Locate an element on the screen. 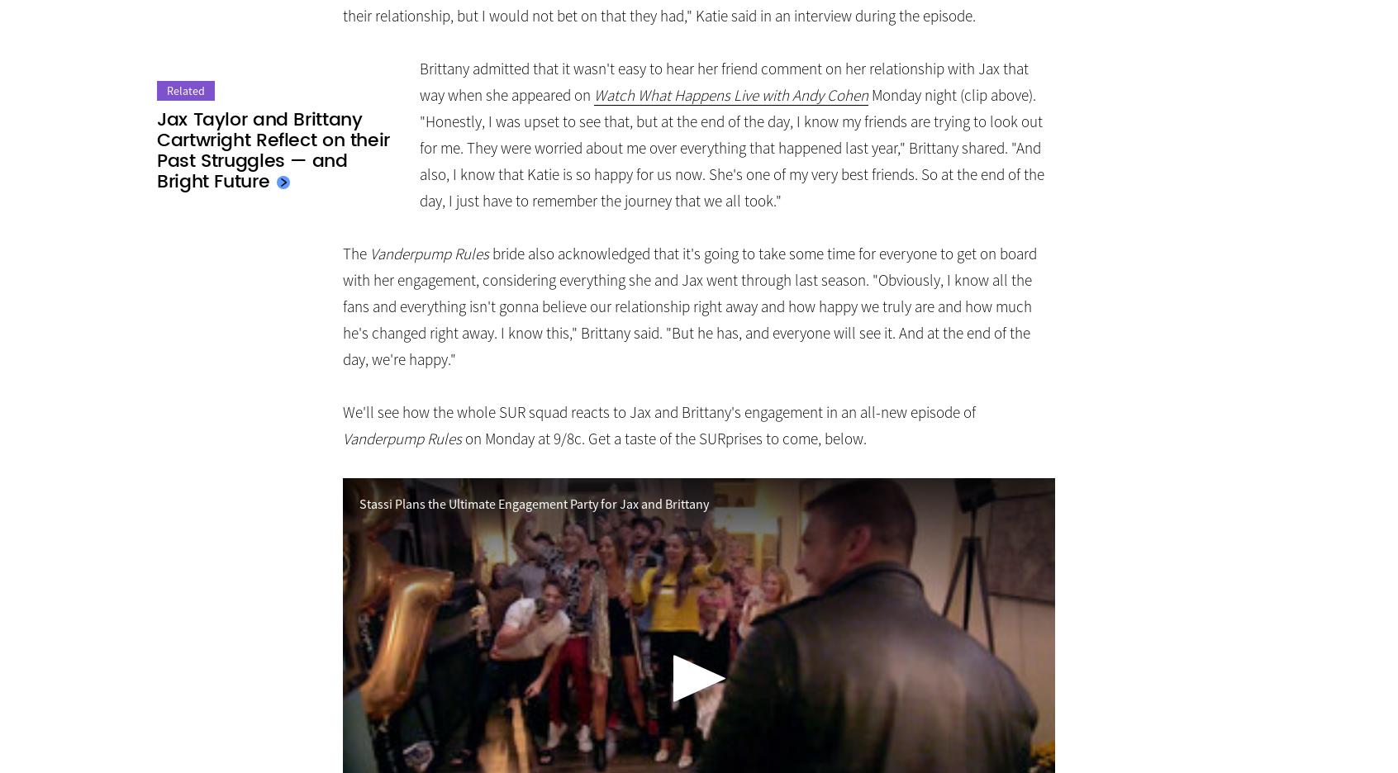 This screenshot has width=1398, height=773. 'Stassi Plans the Ultimate Engagement Party for Jax and Brittany' is located at coordinates (534, 503).